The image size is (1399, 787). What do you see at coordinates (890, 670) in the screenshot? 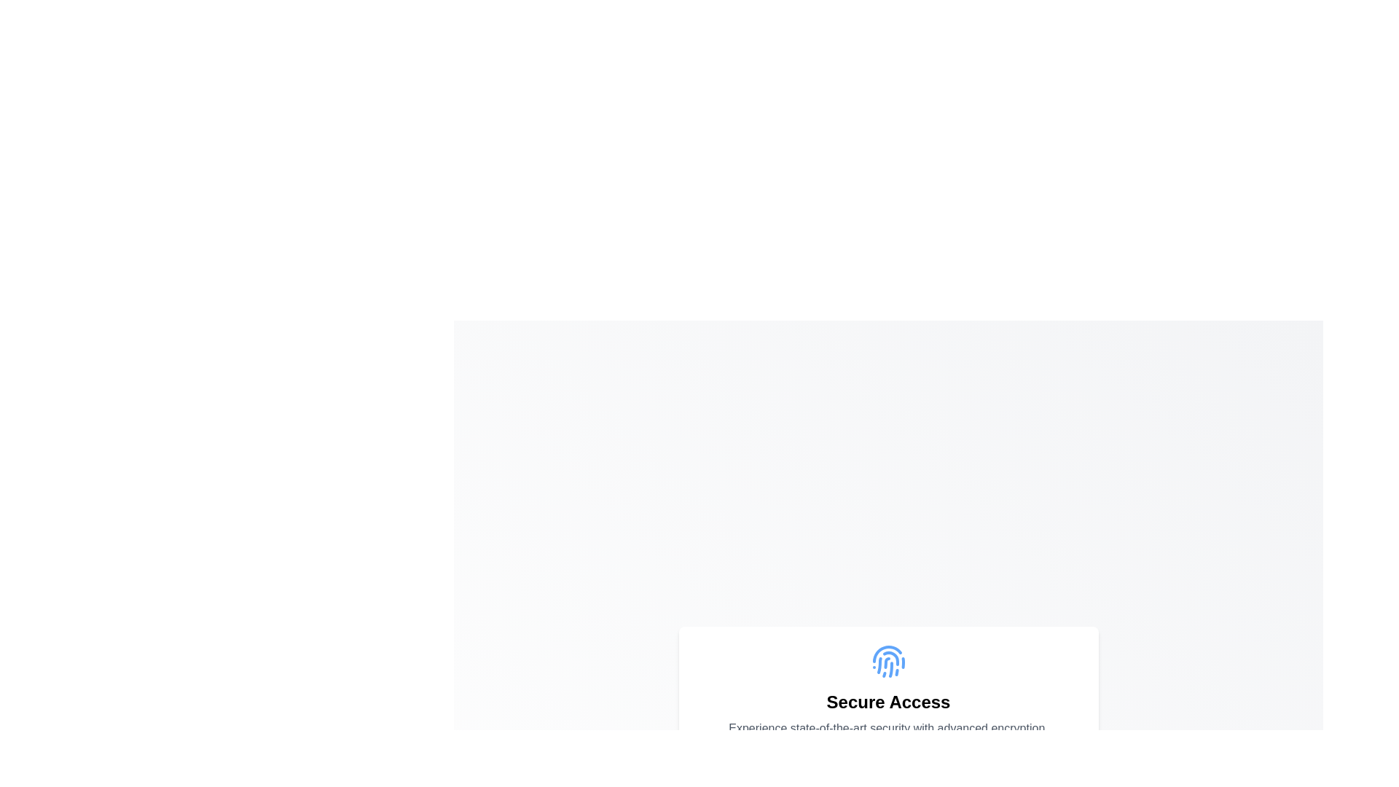
I see `the second segment of the fingerprint icon, which is visually located above the 'Secure Access' text and slightly to the right among its sibling paths` at bounding box center [890, 670].